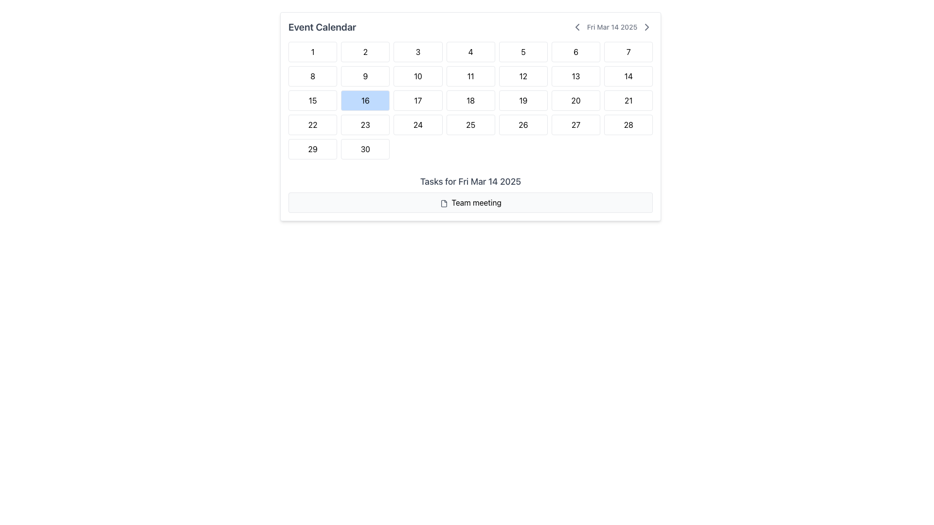 This screenshot has height=525, width=934. What do you see at coordinates (629, 52) in the screenshot?
I see `the calendar date element located in the top-right corner of the grid layout` at bounding box center [629, 52].